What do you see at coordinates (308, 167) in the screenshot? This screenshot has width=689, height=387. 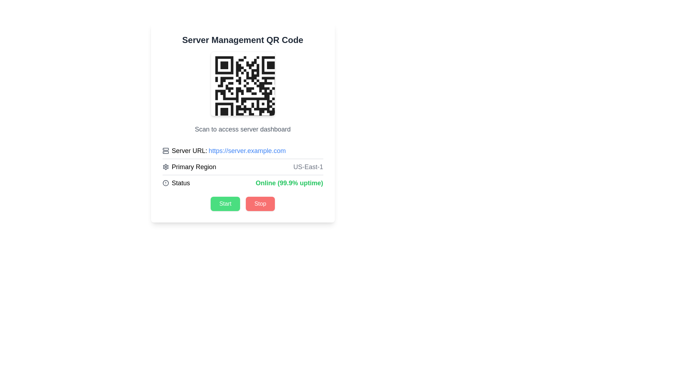 I see `the static text UI component displaying 'US-East-1', which is located at the right end of the row next to 'Primary Region'` at bounding box center [308, 167].